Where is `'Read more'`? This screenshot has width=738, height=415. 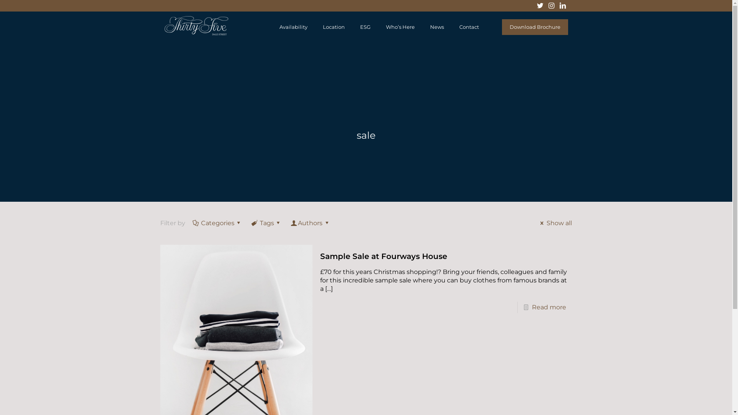
'Read more' is located at coordinates (549, 307).